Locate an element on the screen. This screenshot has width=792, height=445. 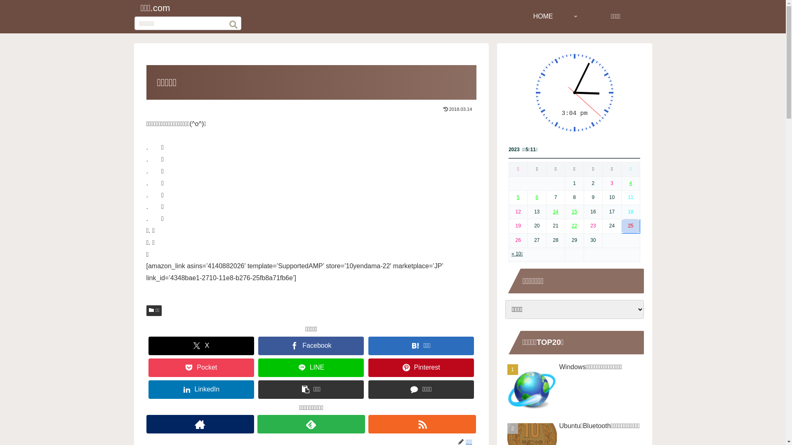
'X' is located at coordinates (201, 346).